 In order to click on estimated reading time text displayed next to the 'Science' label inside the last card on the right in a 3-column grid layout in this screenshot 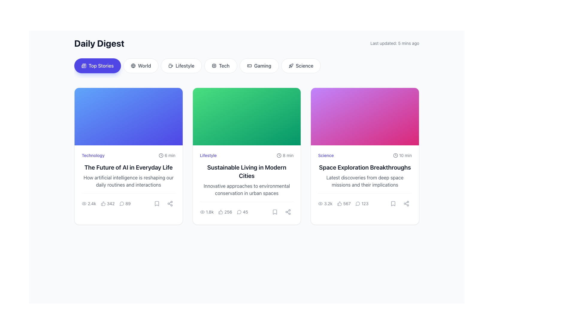, I will do `click(402, 155)`.